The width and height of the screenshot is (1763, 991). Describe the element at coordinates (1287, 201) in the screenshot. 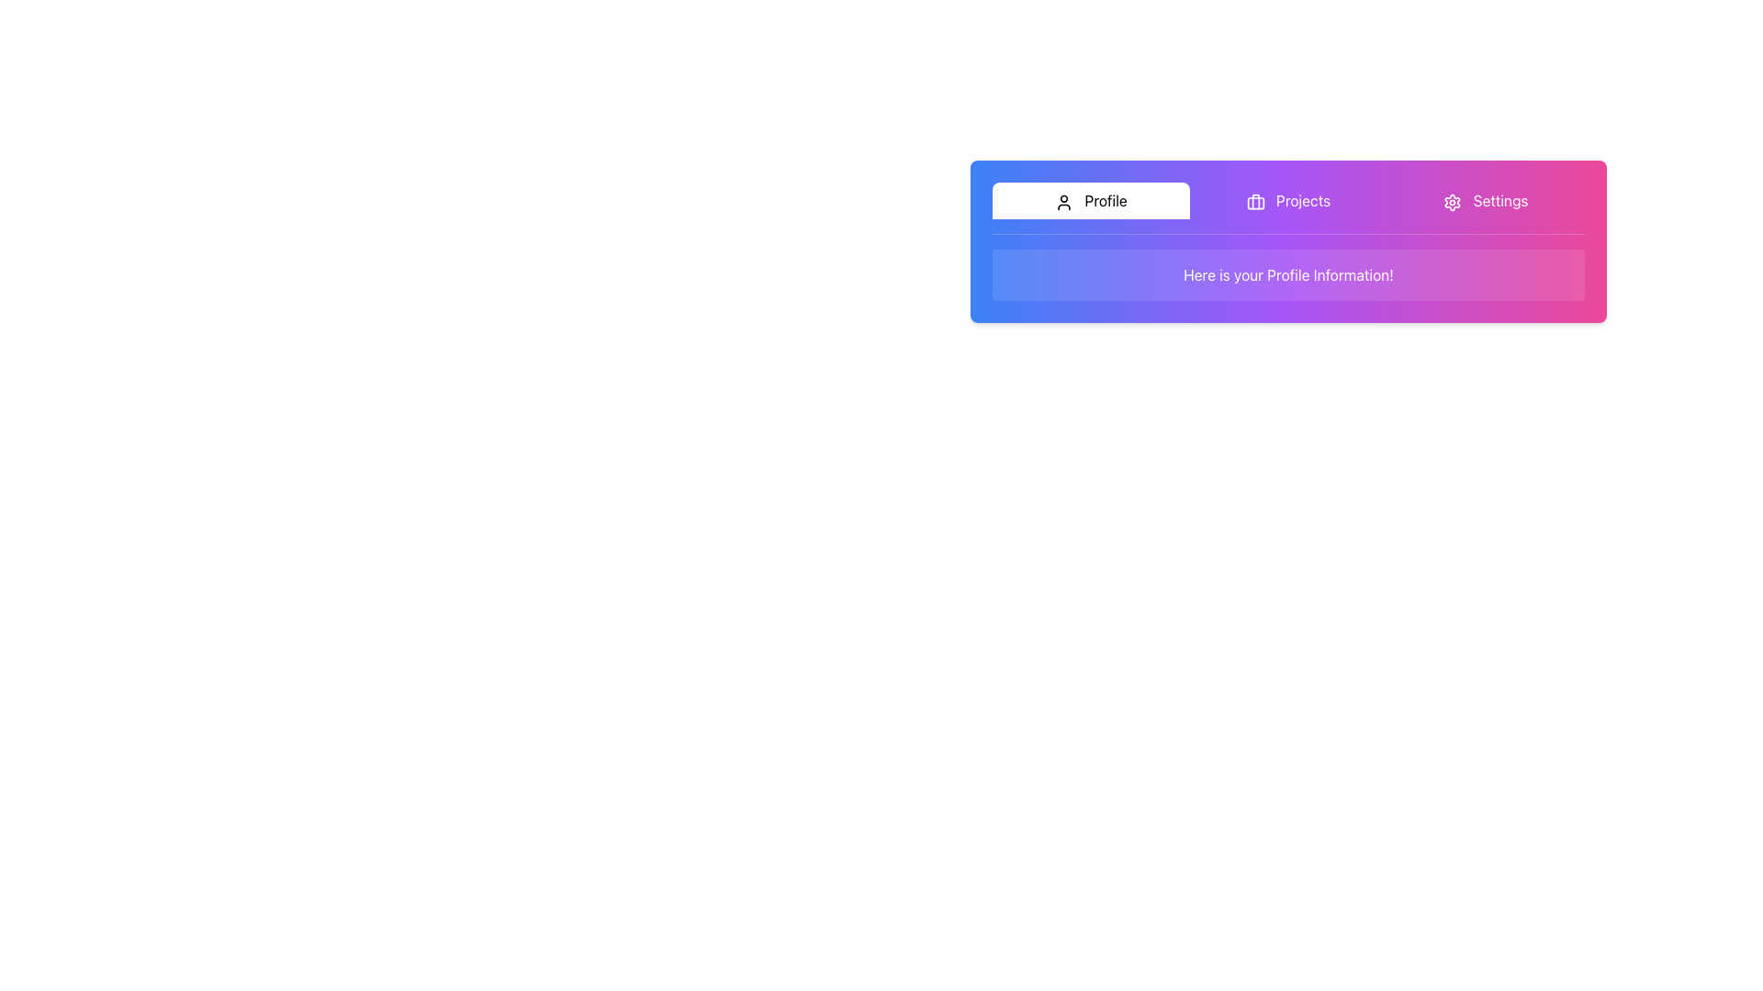

I see `the 'Projects' button, which is a rectangular button with rounded corners and a briefcase icon located in a menu` at that location.